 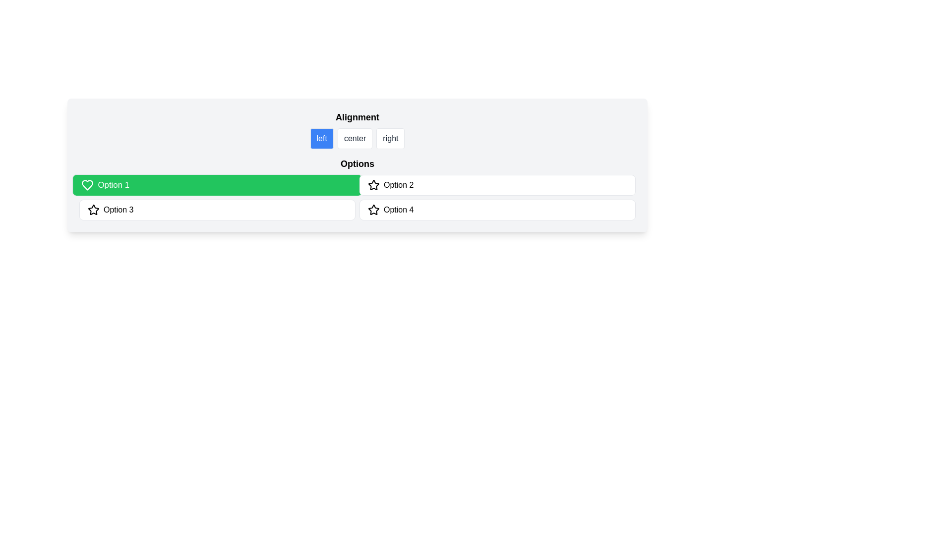 I want to click on the star-shaped Decorative Icon located next to 'Option 2' in the 'Options' section to interact with the feature, so click(x=373, y=185).